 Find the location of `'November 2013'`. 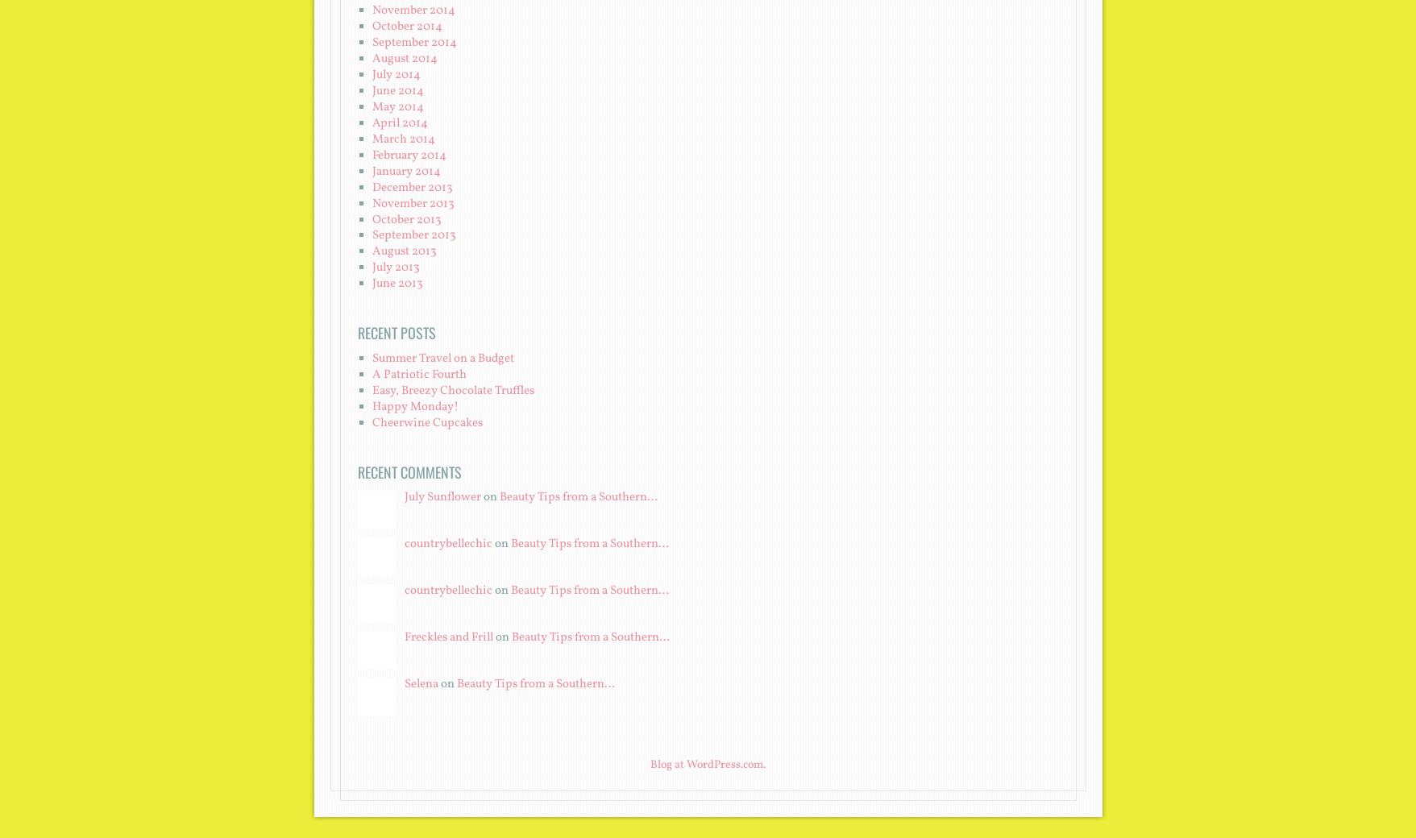

'November 2013' is located at coordinates (412, 203).